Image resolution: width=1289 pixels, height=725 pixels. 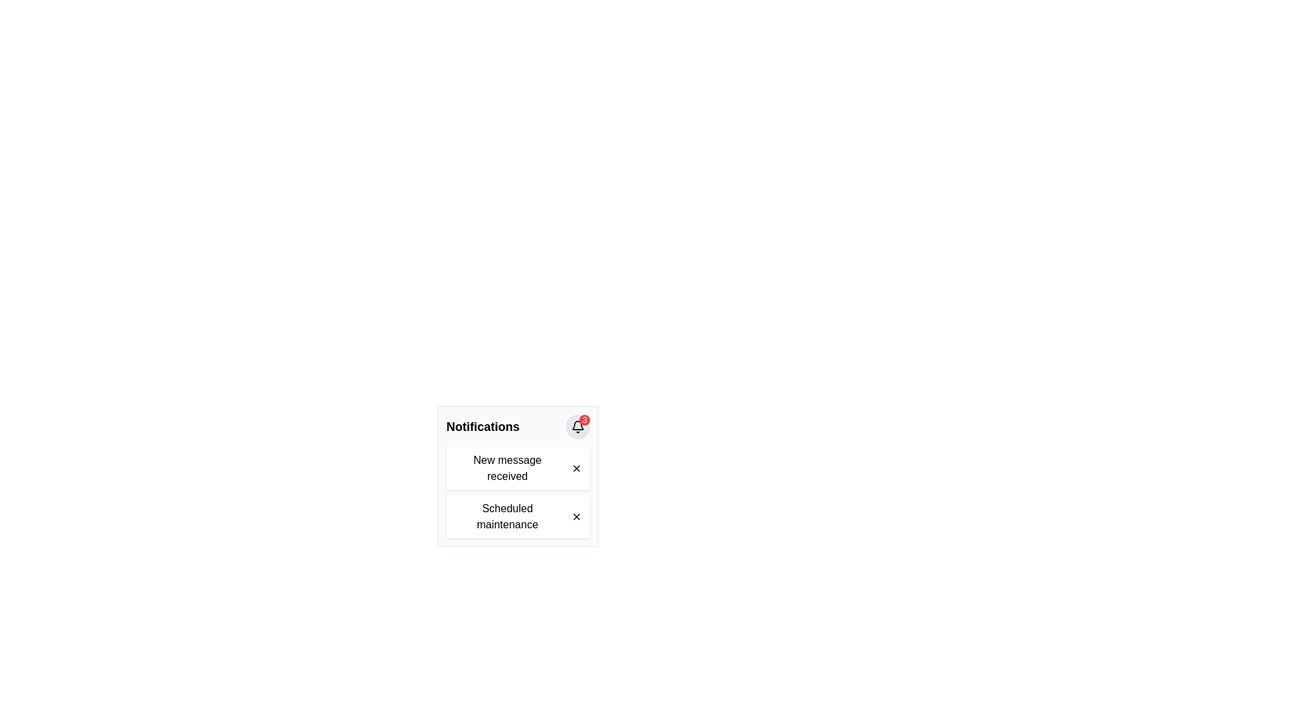 I want to click on the unread notifications Badge located at the top-right of the bell icon in the notification header to interact with it, so click(x=577, y=427).